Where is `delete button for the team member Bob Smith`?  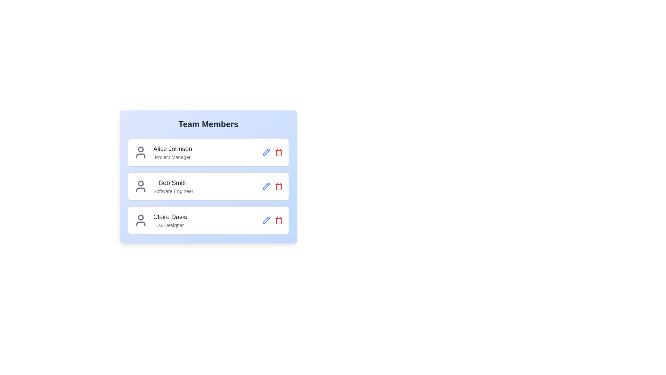
delete button for the team member Bob Smith is located at coordinates (279, 186).